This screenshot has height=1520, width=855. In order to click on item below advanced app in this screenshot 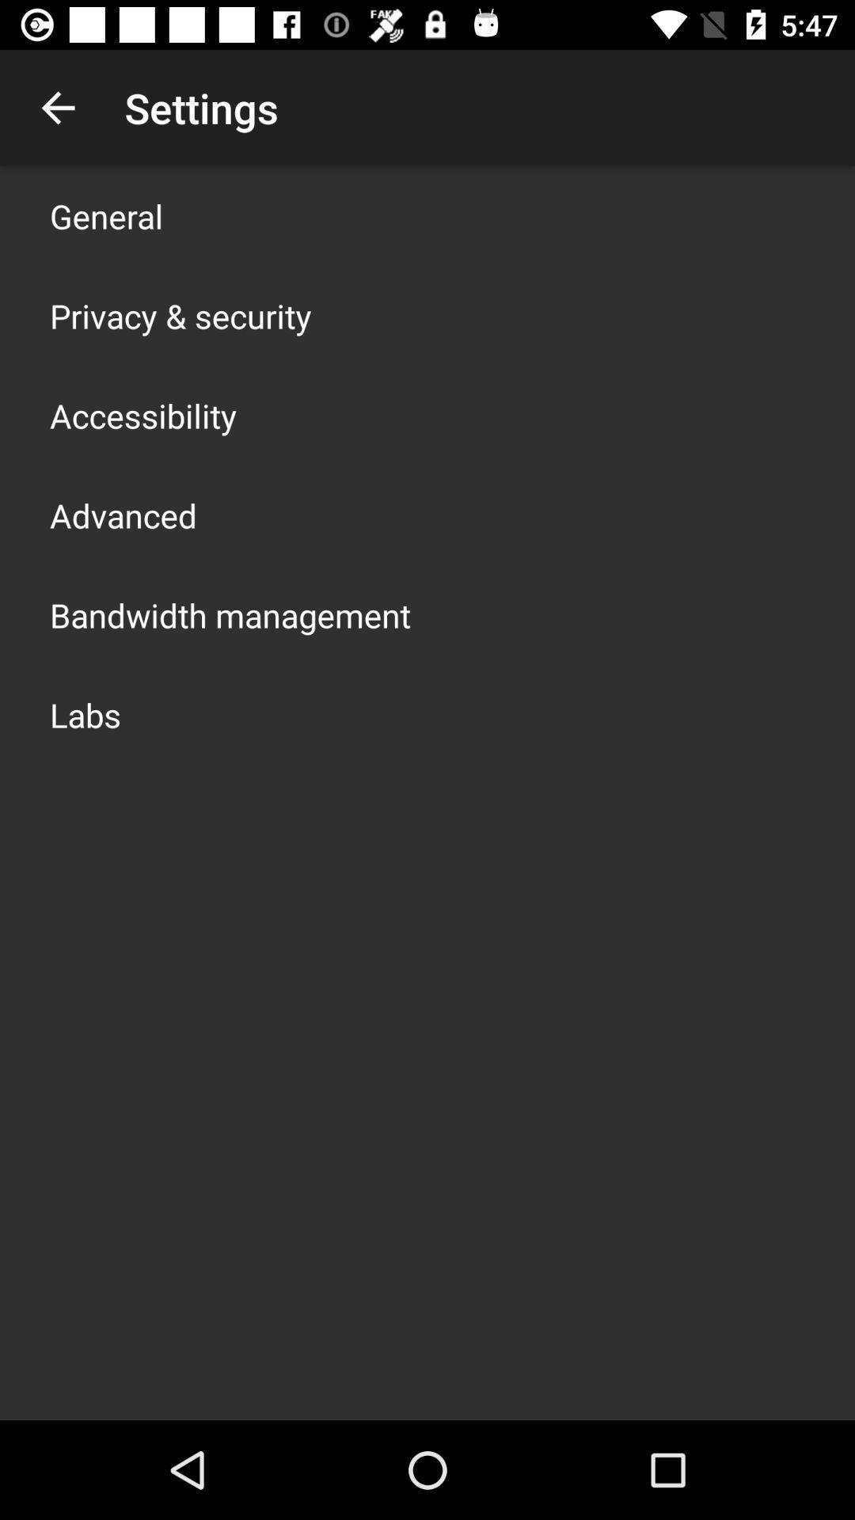, I will do `click(230, 614)`.